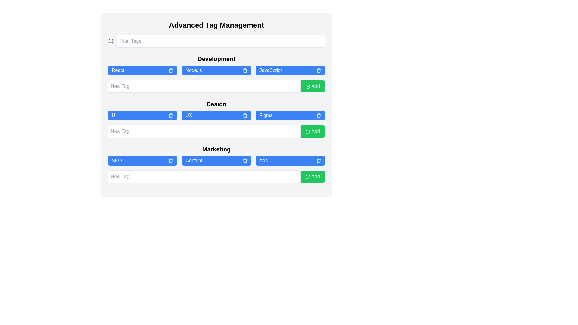  I want to click on the button located in the 'Development' section of the page, so click(312, 86).